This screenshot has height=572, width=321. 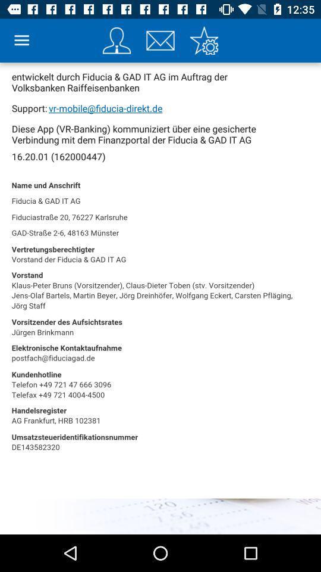 What do you see at coordinates (203, 41) in the screenshot?
I see `settings option` at bounding box center [203, 41].